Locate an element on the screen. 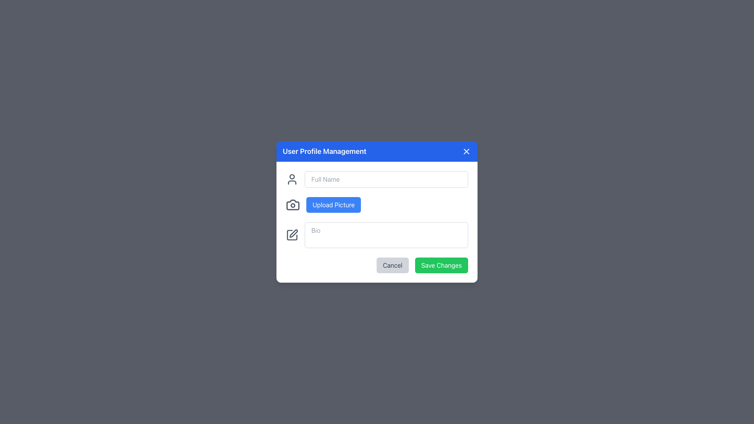 This screenshot has width=754, height=424. the 'Cancel' button with a gray background and dark gray text located at the bottom-right of the 'User Profile Management' dialog for a visual state change is located at coordinates (392, 265).